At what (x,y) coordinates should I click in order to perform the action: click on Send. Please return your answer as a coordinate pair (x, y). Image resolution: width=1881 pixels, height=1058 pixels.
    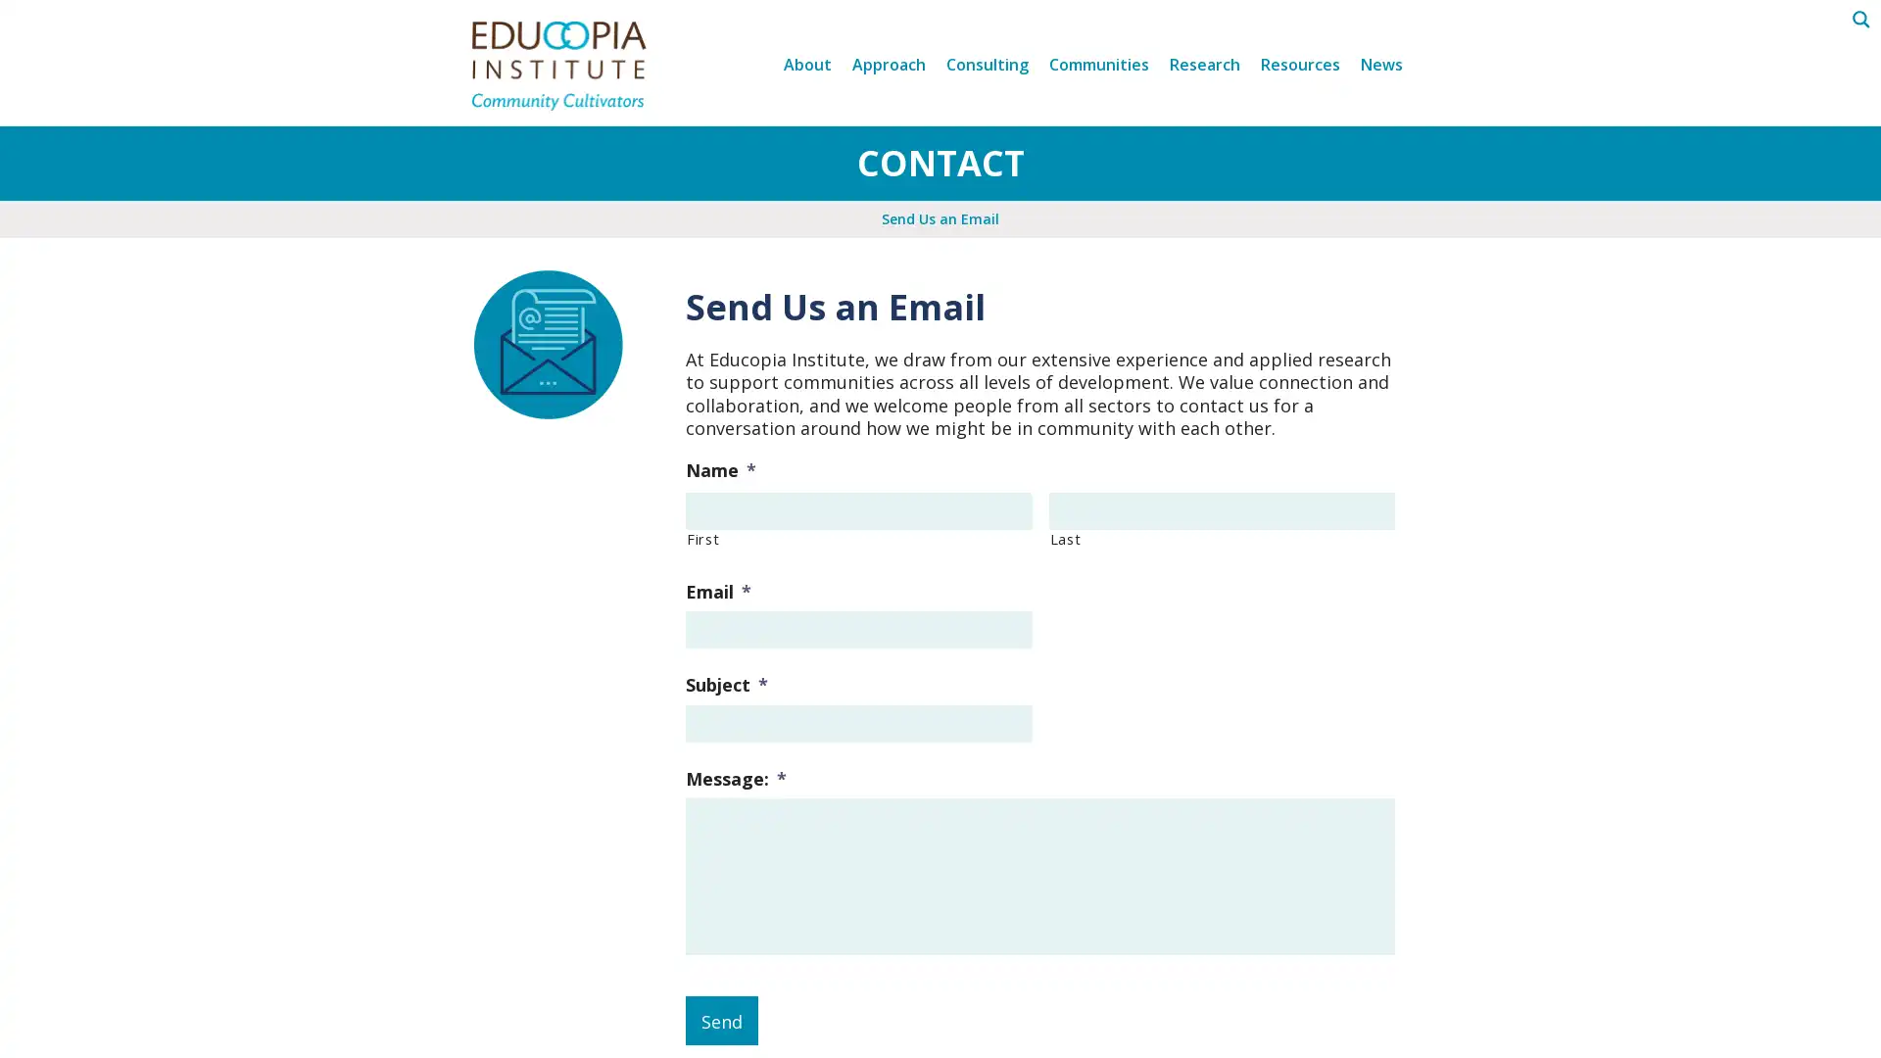
    Looking at the image, I should click on (721, 1019).